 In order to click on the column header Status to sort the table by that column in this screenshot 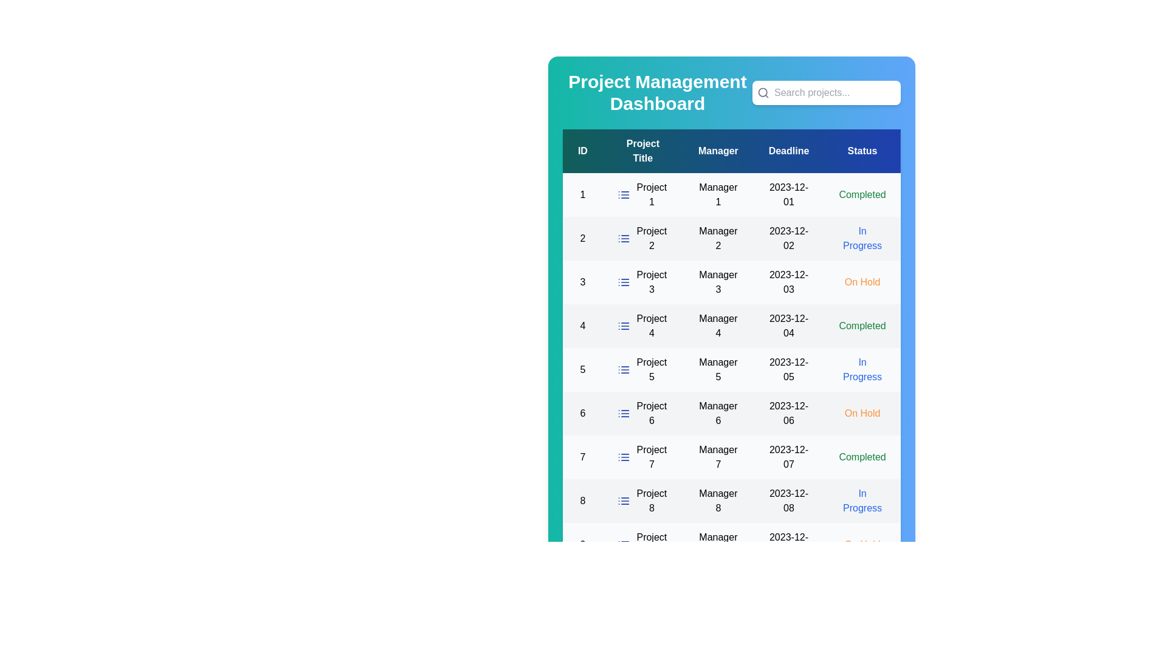, I will do `click(862, 151)`.